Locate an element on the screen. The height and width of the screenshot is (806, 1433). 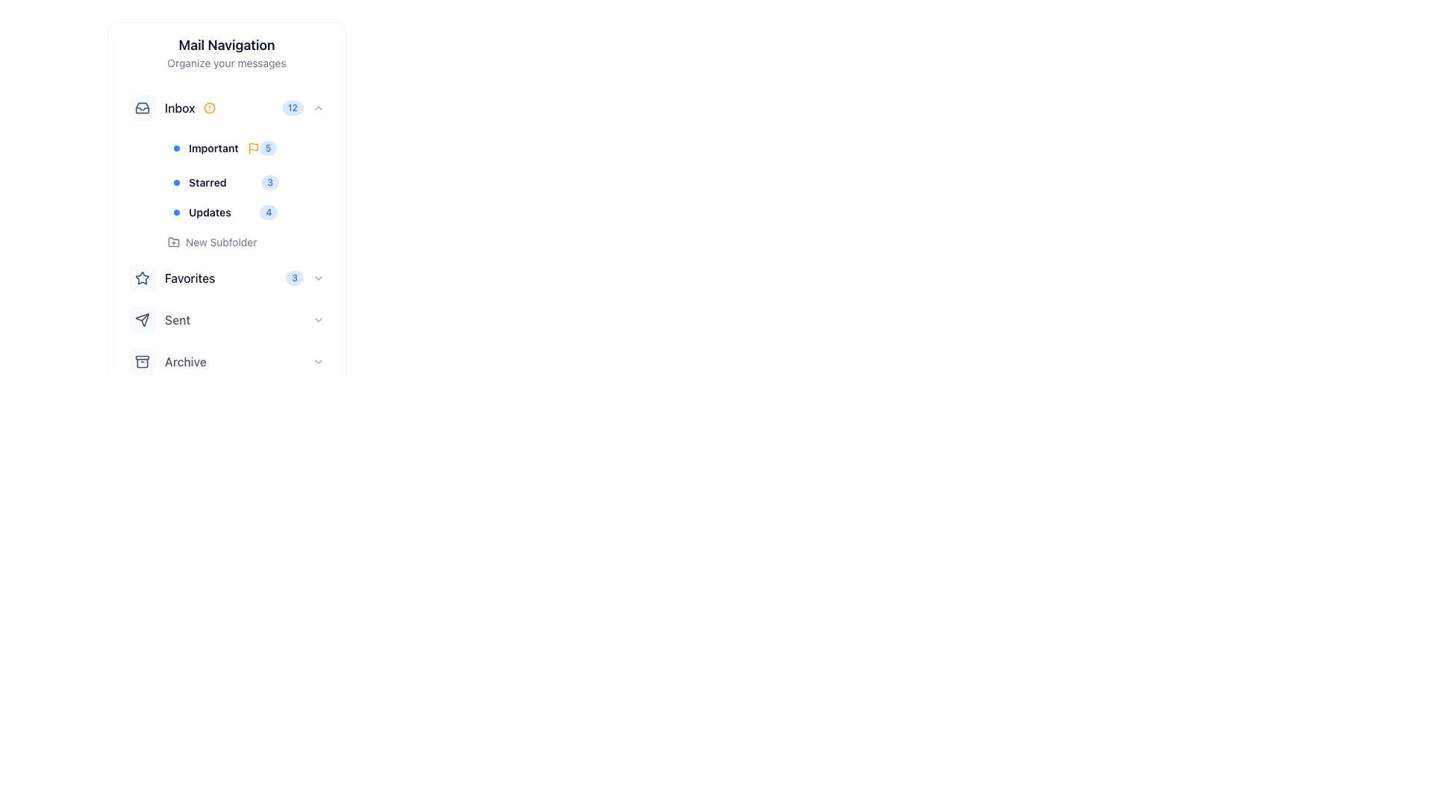
the small rectangular icon with a rounded appearance located in the navigation sidebar under the 'Archive' section, which features a gray background transitioning to blue on hover and contains a graphic of an archive box is located at coordinates (143, 362).